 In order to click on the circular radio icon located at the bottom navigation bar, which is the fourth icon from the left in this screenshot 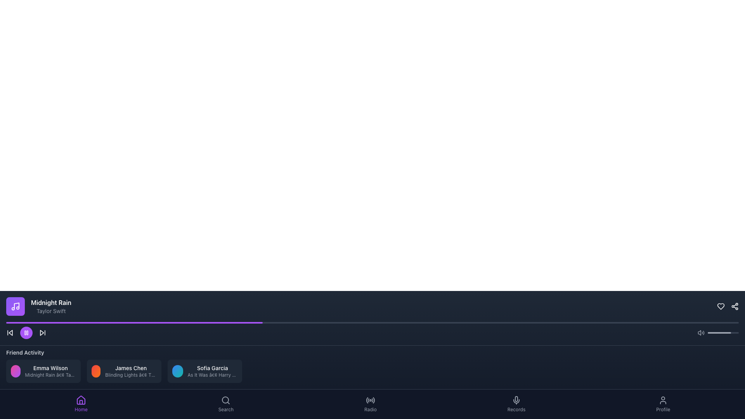, I will do `click(370, 400)`.